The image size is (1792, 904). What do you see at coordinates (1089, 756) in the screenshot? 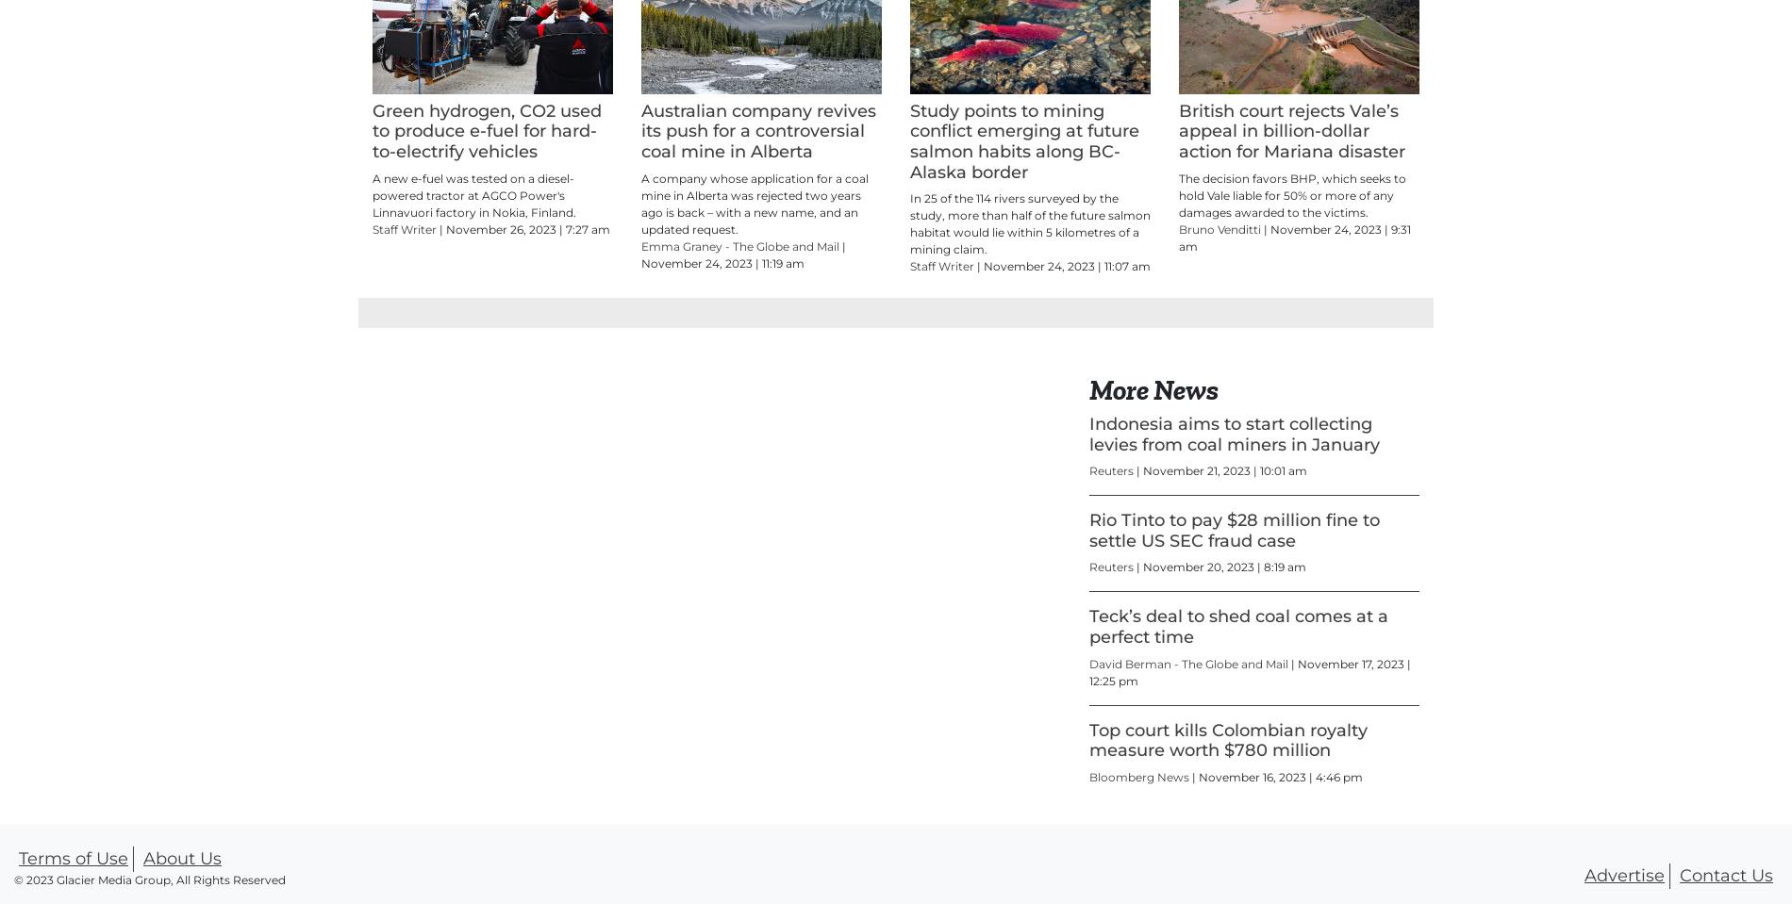
I see `'| November 17, 2023 | 12:25 pm'` at bounding box center [1089, 756].